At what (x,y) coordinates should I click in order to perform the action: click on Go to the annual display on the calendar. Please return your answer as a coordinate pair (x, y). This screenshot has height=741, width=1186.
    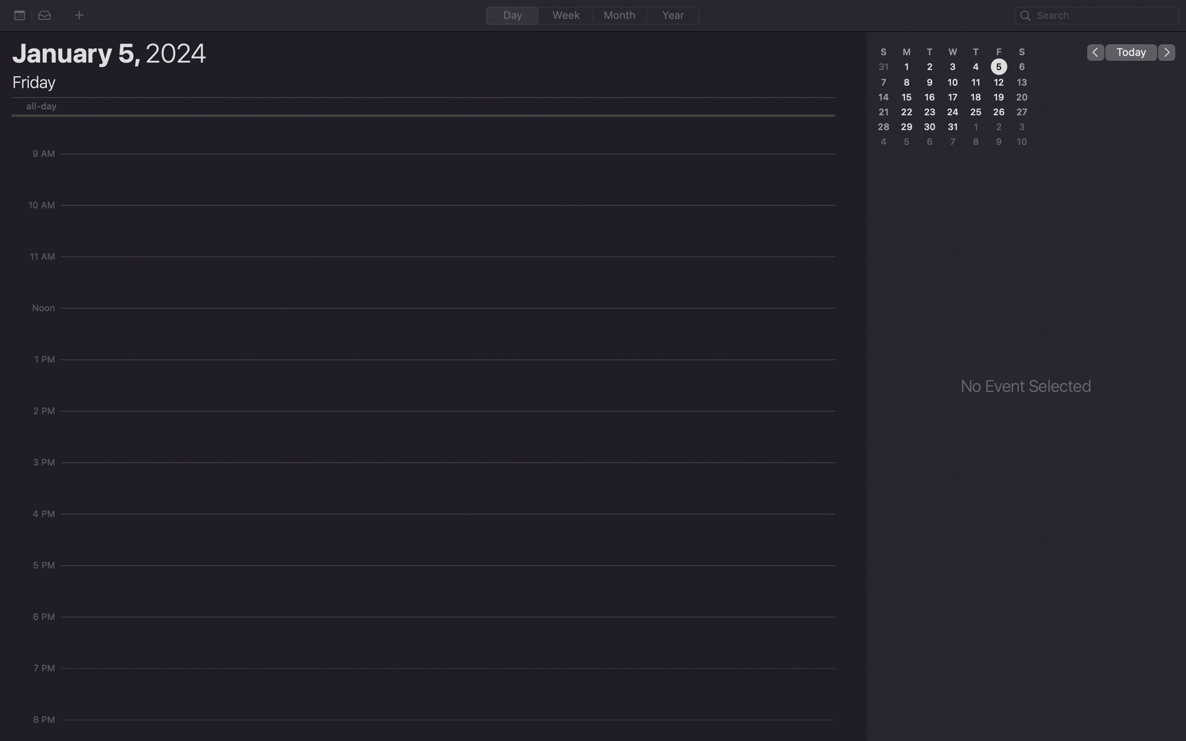
    Looking at the image, I should click on (672, 16).